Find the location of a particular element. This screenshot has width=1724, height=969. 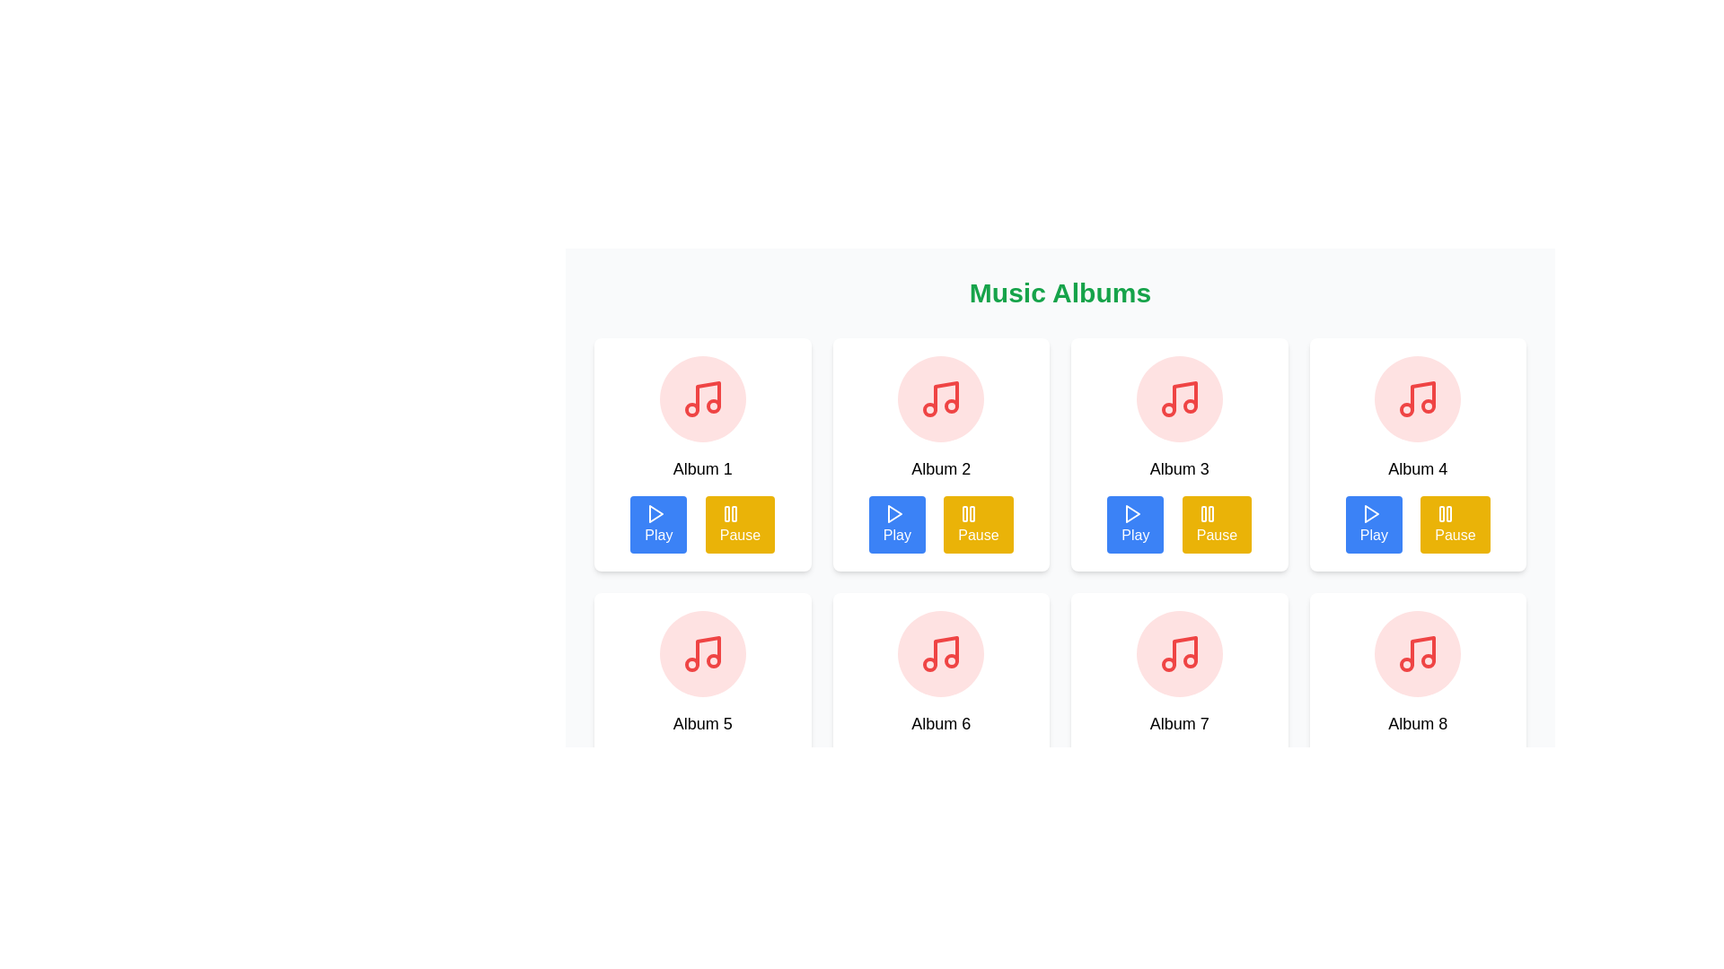

the dual-button control component's 'Play' button is located at coordinates (940, 525).